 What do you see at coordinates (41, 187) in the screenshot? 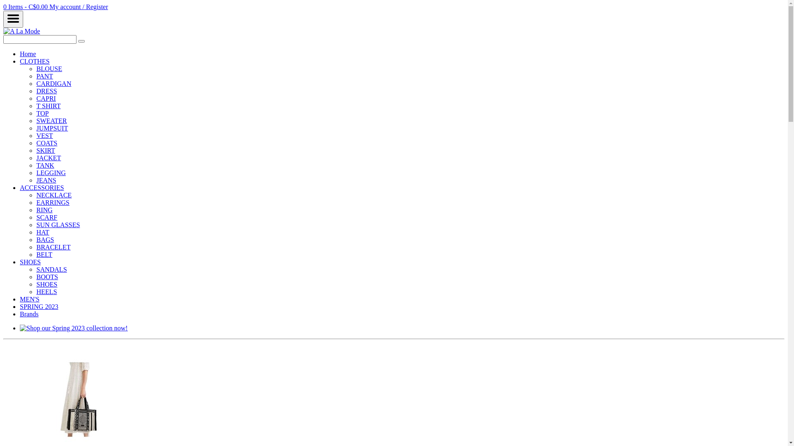
I see `'ACCESSORIES'` at bounding box center [41, 187].